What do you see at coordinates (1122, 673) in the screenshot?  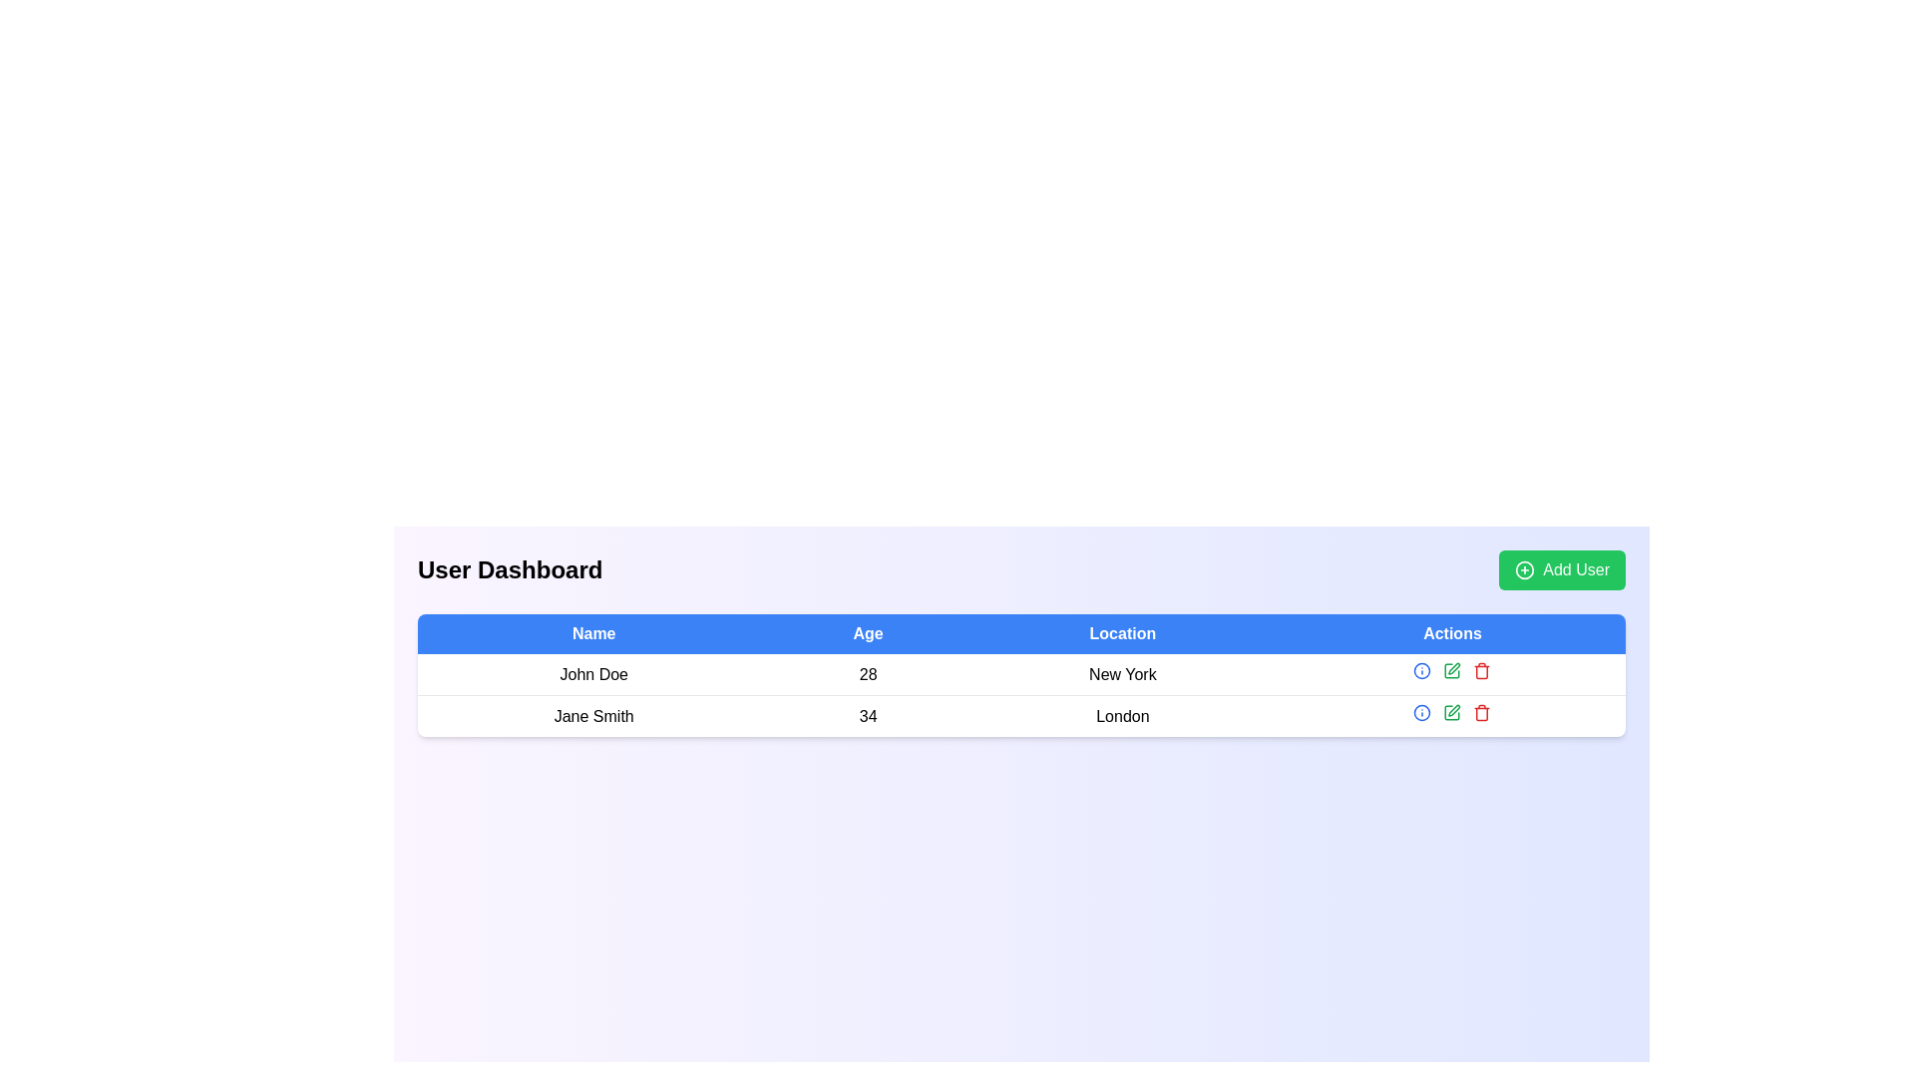 I see `the 'Location' text label displaying 'New York' in the table, which is located in the third column of the first data row, between the 'Age' and 'Actions' columns` at bounding box center [1122, 673].